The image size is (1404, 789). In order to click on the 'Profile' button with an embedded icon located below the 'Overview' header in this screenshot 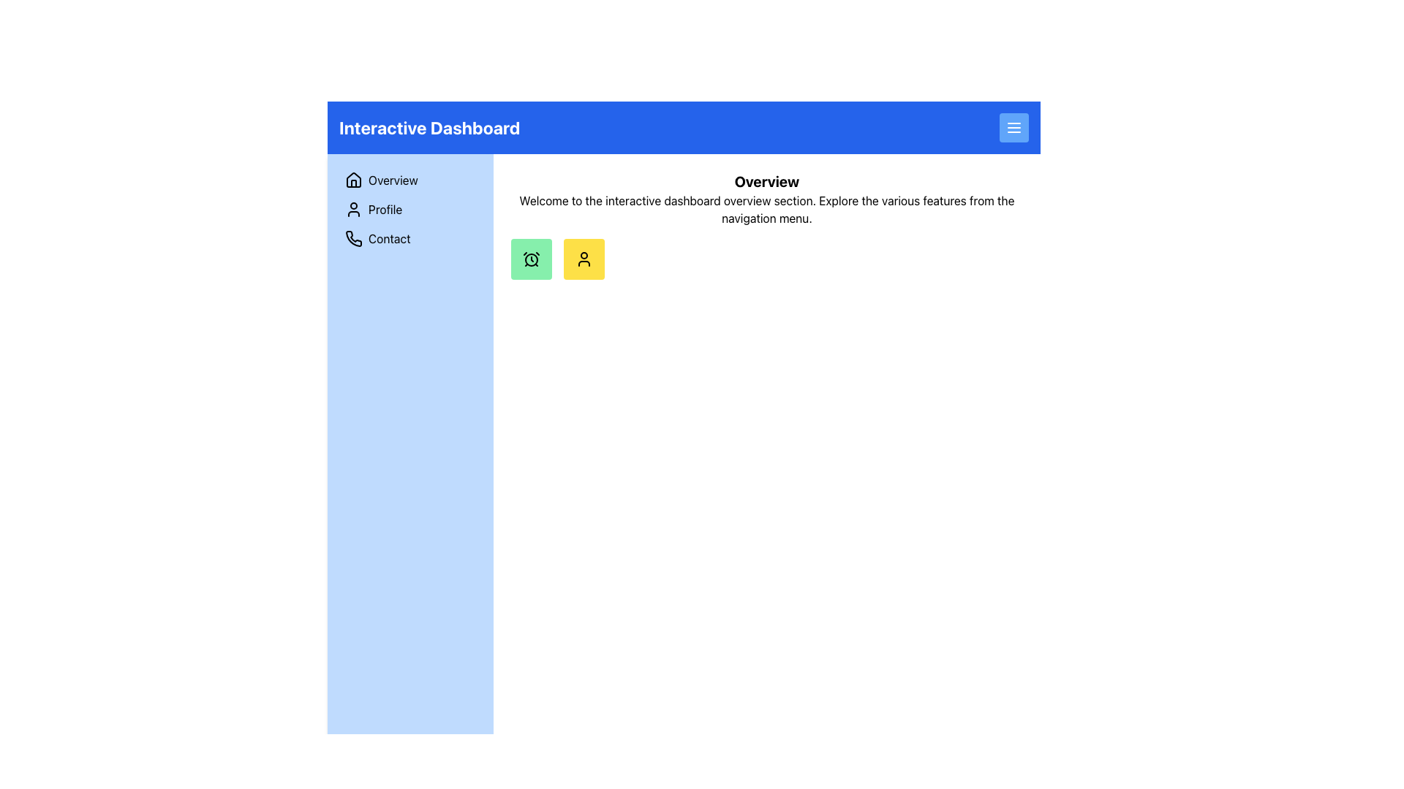, I will do `click(583, 258)`.